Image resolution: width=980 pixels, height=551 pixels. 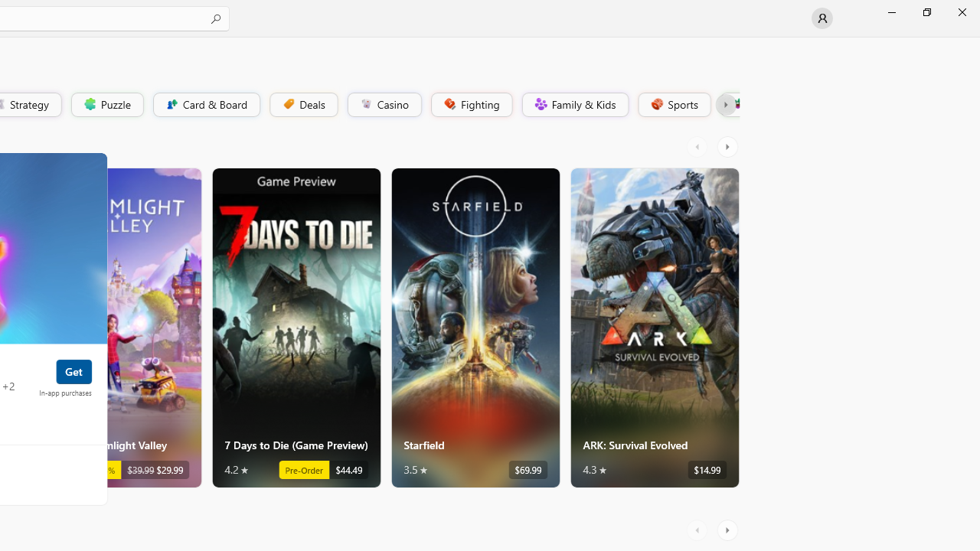 I want to click on 'Close Microsoft Store', so click(x=961, y=11).